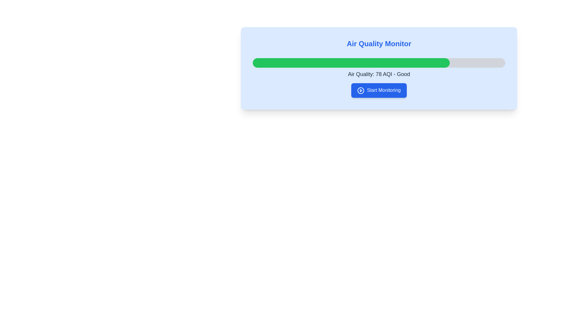 The height and width of the screenshot is (322, 573). I want to click on the Progress Indicator Component representing air quality level, which visually indicates completion percentage and is positioned below the 'Air Quality Monitor' title, so click(351, 63).